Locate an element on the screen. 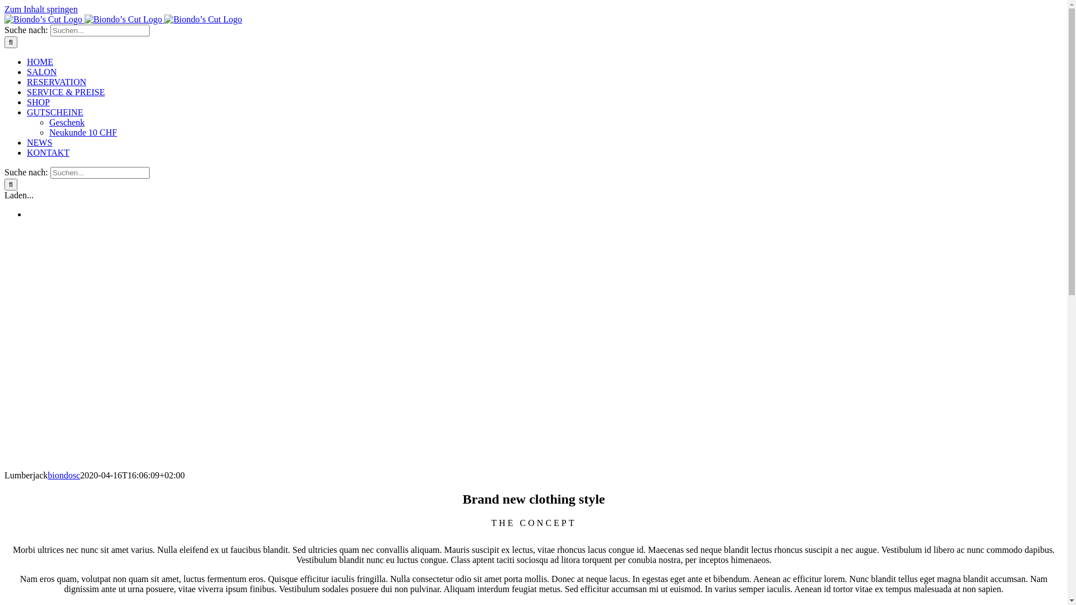 Image resolution: width=1076 pixels, height=605 pixels. 'Geschenk' is located at coordinates (66, 122).